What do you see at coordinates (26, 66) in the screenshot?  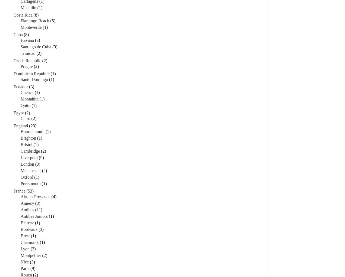 I see `'Prague'` at bounding box center [26, 66].